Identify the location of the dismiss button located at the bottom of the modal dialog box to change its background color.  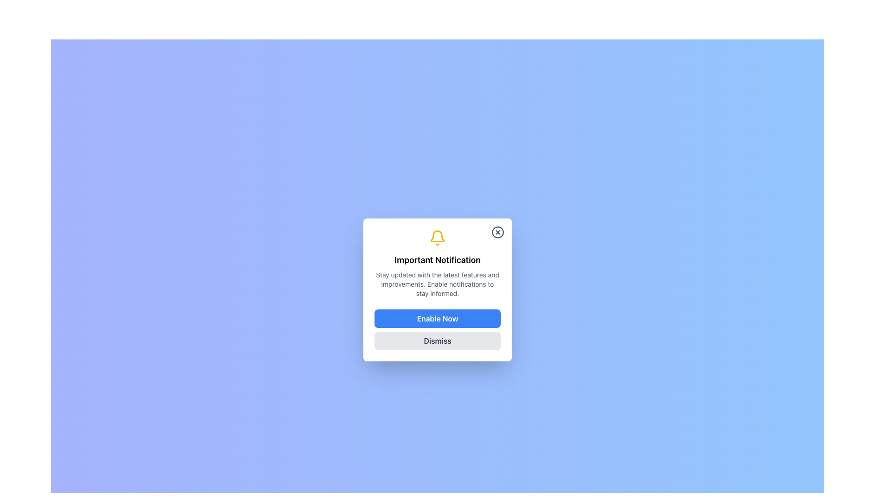
(437, 341).